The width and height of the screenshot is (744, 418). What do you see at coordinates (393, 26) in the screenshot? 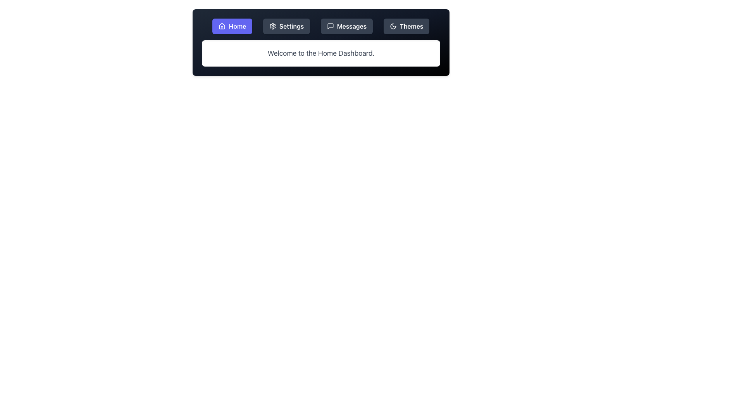
I see `the crescent moon icon in the toolbar` at bounding box center [393, 26].